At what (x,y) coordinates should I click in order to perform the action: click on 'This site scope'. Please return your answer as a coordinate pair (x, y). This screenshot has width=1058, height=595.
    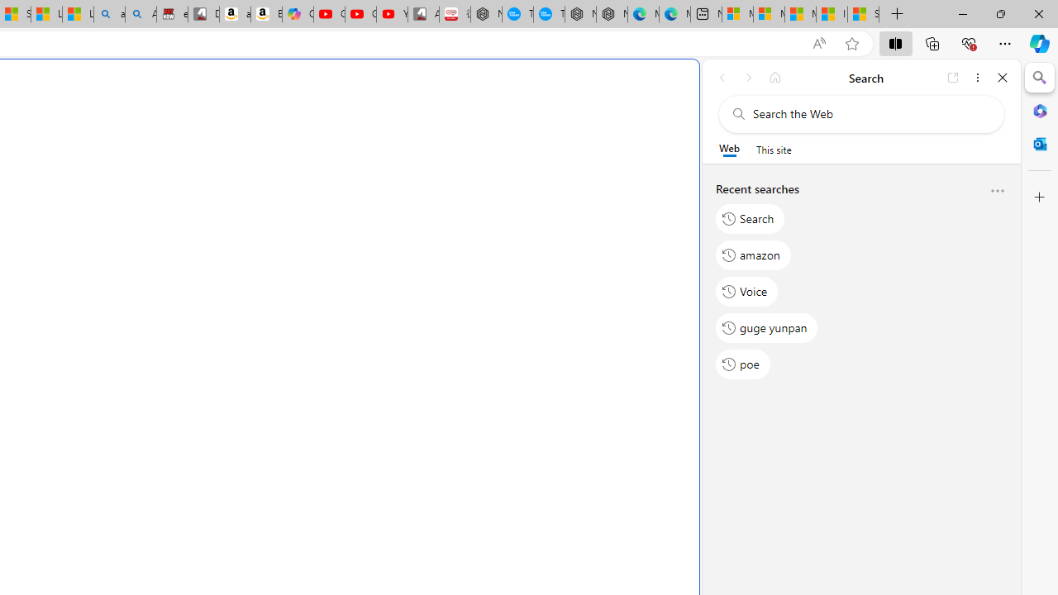
    Looking at the image, I should click on (773, 149).